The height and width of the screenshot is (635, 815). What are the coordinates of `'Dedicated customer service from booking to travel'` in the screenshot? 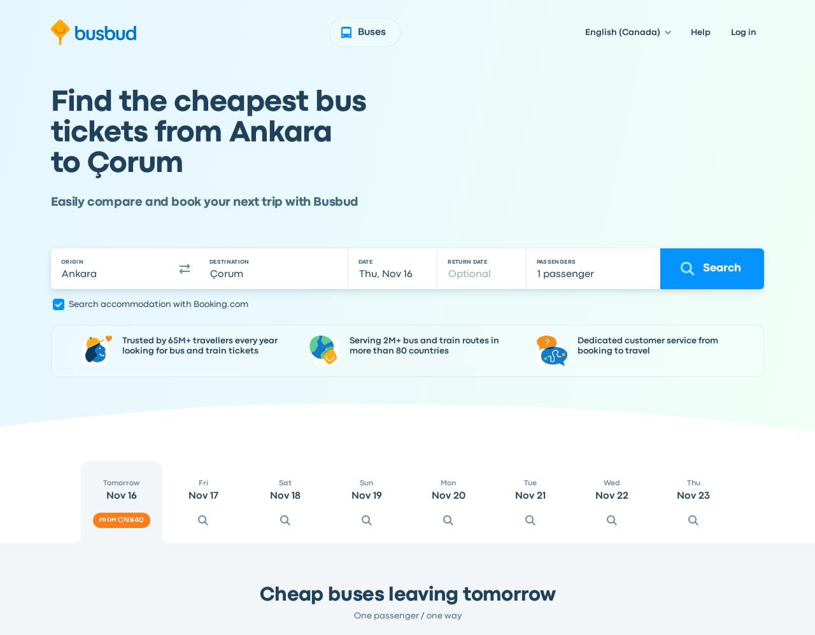 It's located at (576, 345).